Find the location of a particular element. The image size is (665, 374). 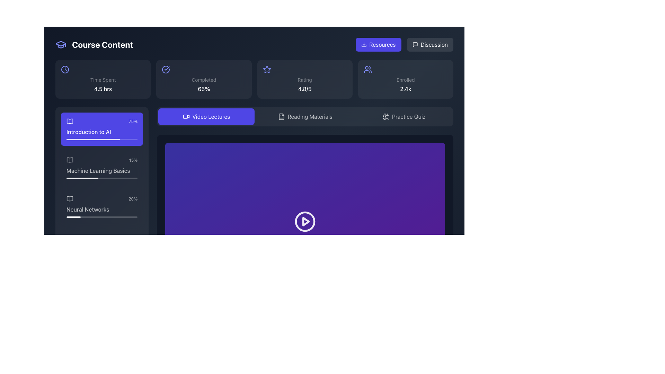

the third button labeled 'Practice Quiz' located below the header and above the main content is located at coordinates (404, 116).